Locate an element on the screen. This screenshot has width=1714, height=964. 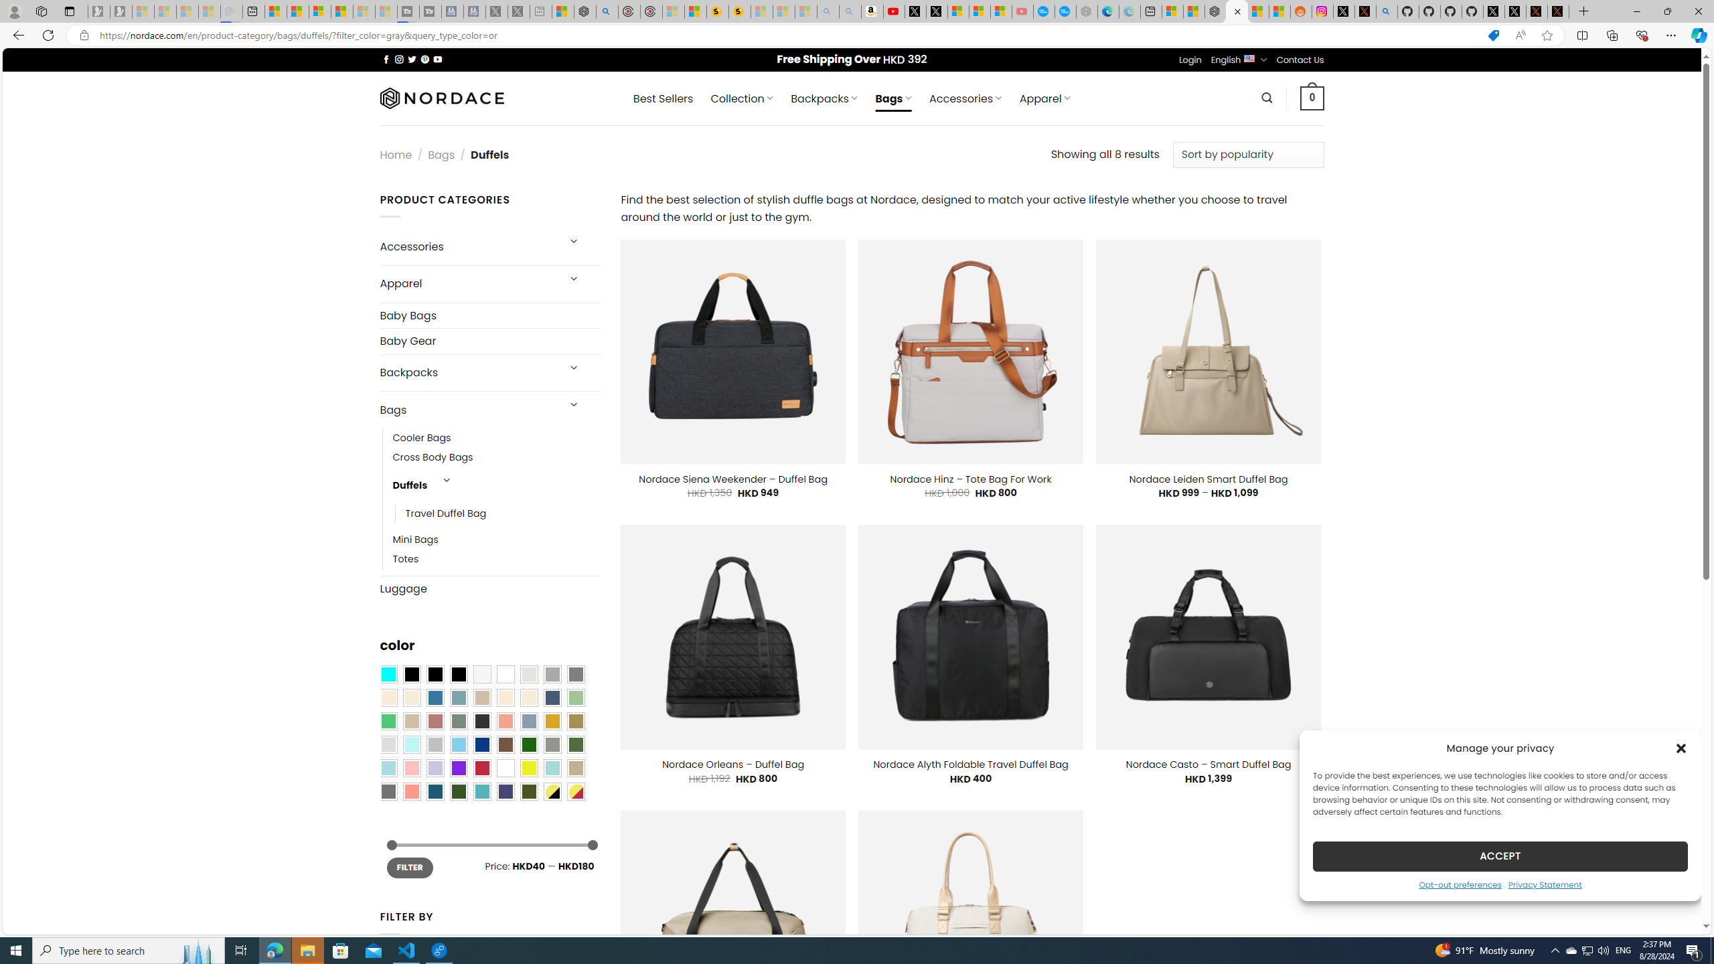
'Mini Bags' is located at coordinates (414, 540).